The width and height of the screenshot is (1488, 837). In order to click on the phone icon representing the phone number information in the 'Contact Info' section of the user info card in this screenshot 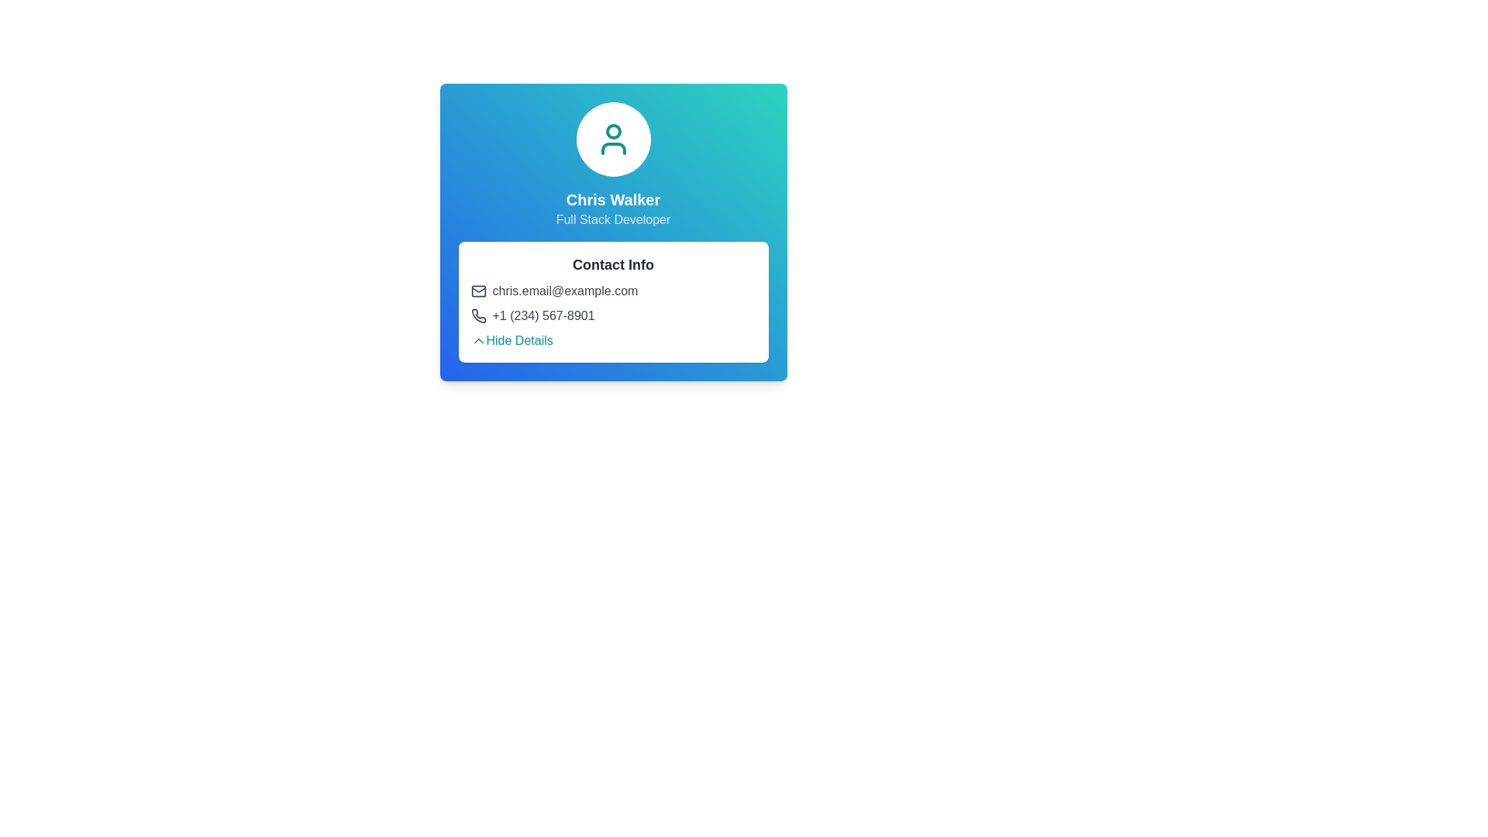, I will do `click(477, 315)`.